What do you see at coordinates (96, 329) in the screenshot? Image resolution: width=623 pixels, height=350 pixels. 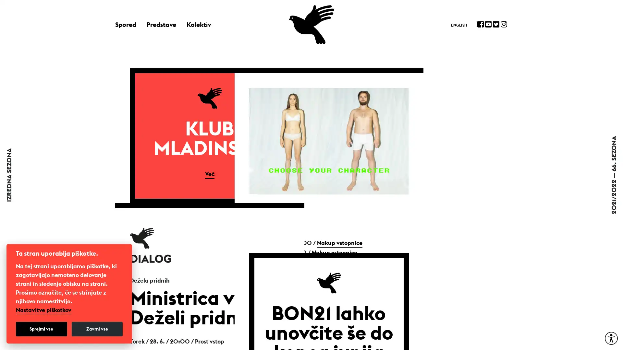 I see `Zavrni vse` at bounding box center [96, 329].